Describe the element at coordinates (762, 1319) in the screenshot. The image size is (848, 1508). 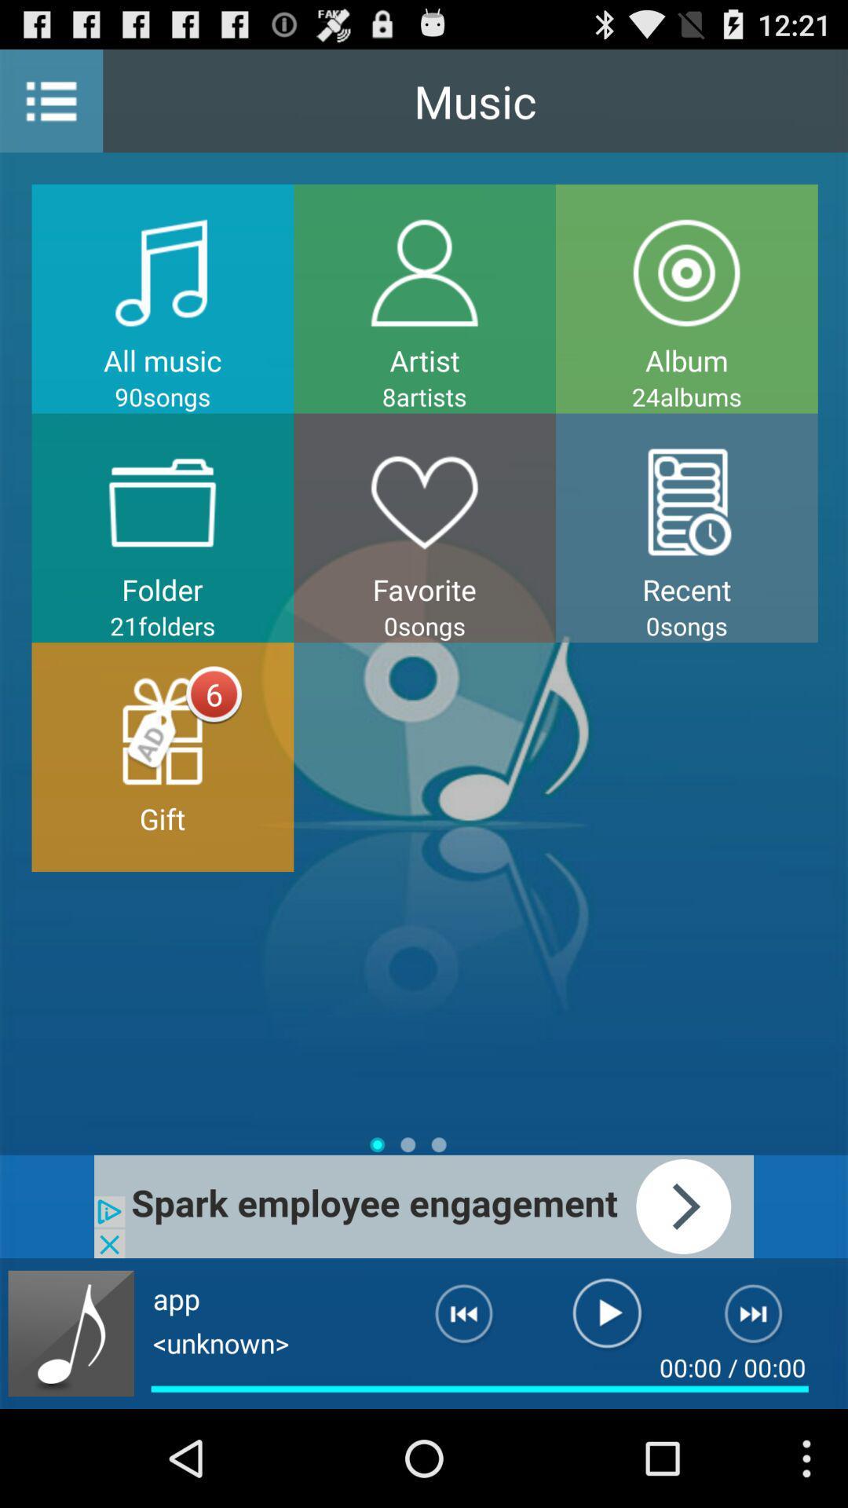
I see `an` at that location.